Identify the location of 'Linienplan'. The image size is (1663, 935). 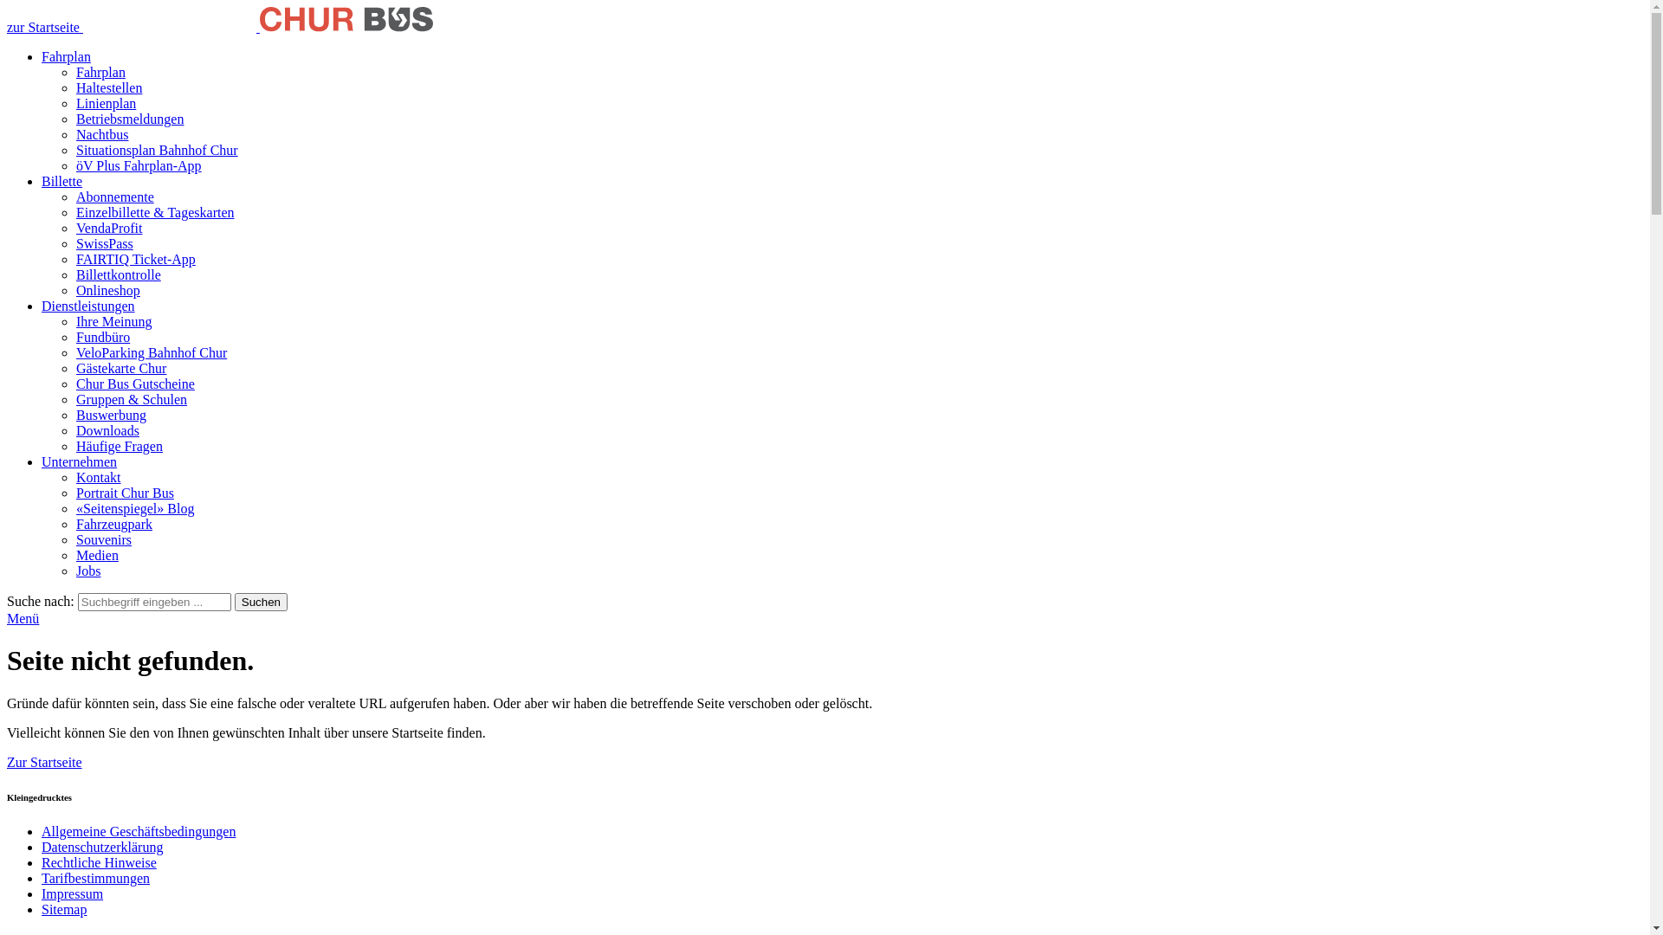
(105, 103).